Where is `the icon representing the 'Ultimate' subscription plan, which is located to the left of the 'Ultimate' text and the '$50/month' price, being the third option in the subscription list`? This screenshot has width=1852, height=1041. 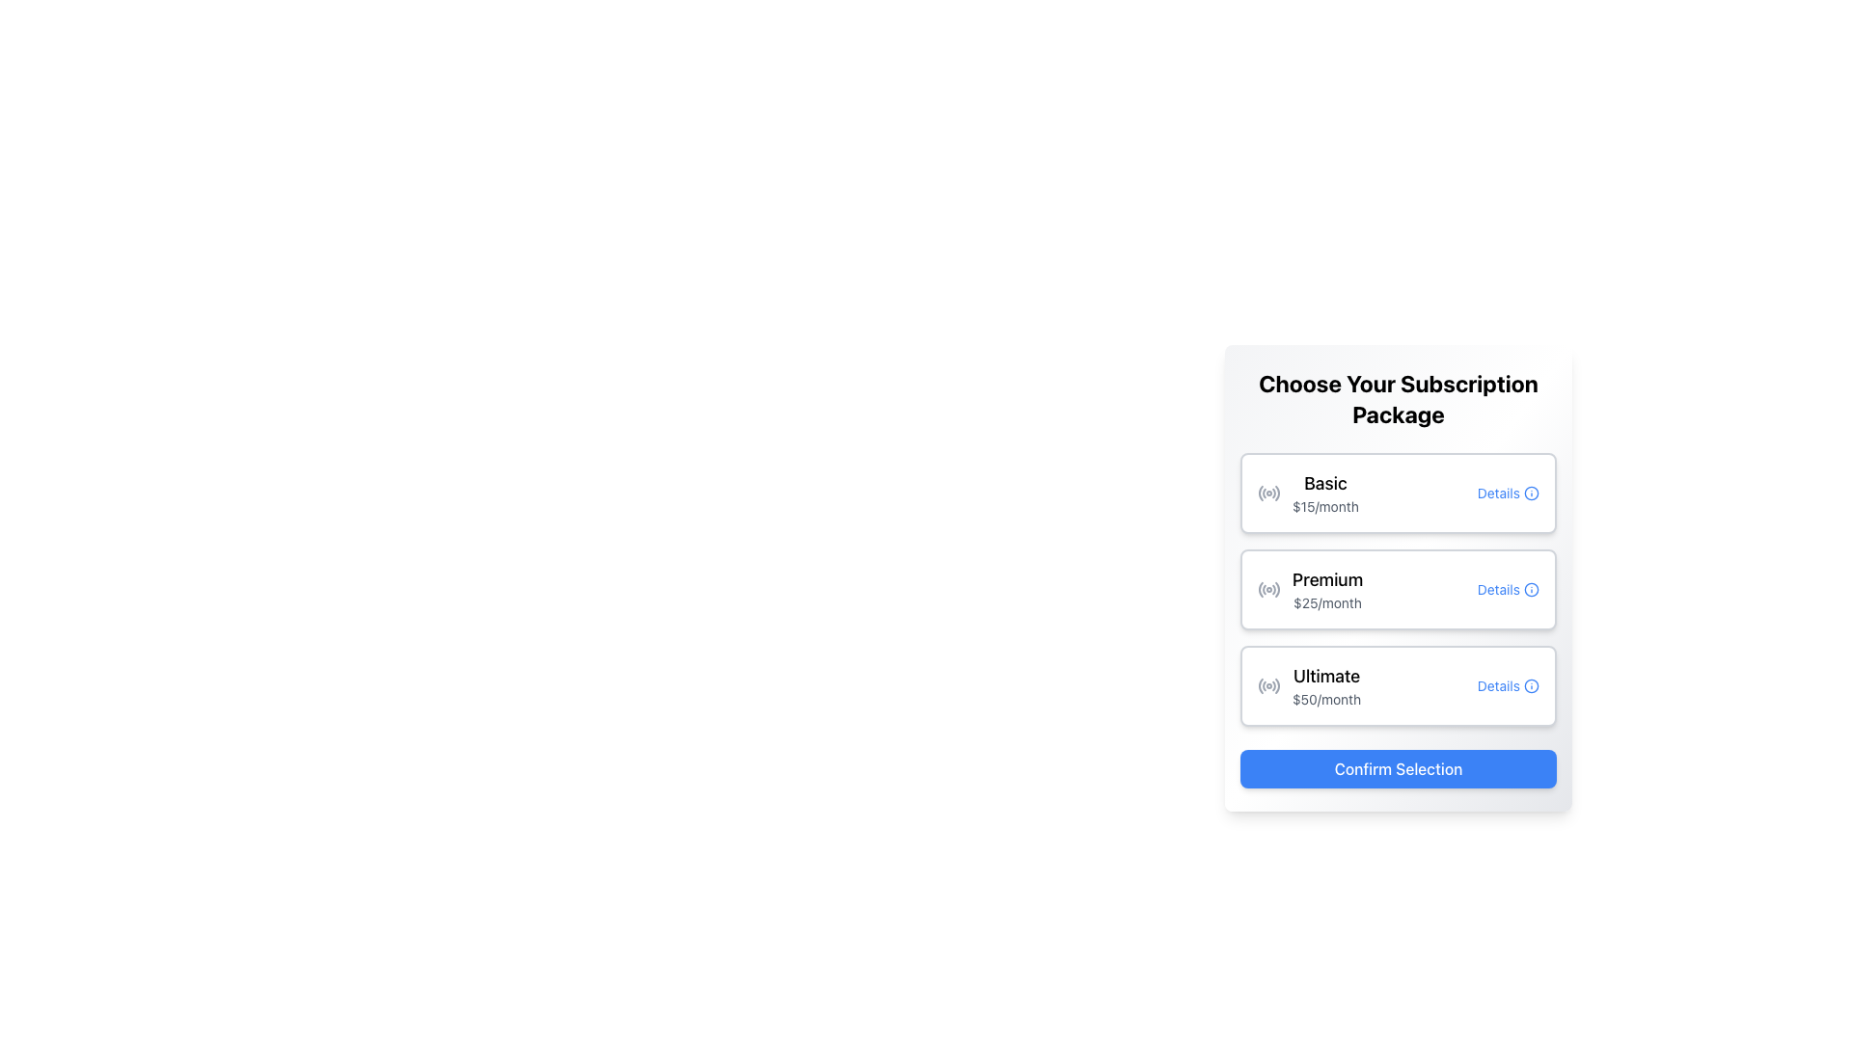 the icon representing the 'Ultimate' subscription plan, which is located to the left of the 'Ultimate' text and the '$50/month' price, being the third option in the subscription list is located at coordinates (1268, 685).